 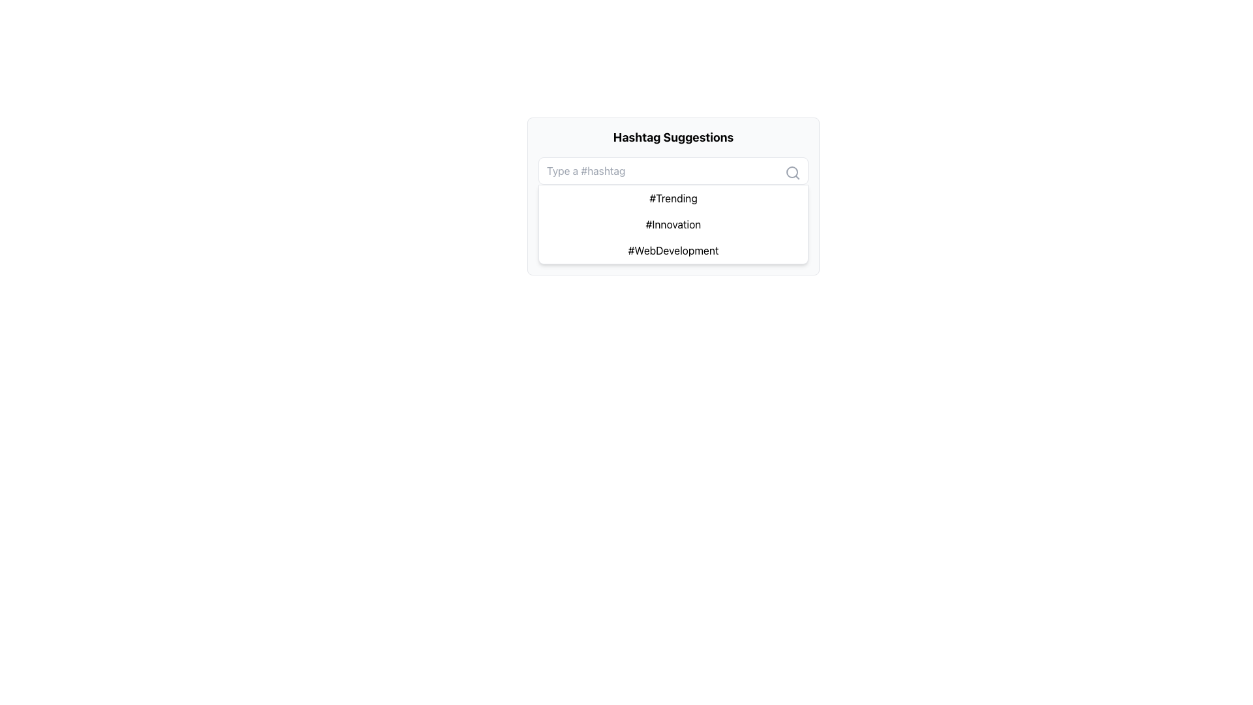 I want to click on a hashtag in the Suggestion list below the 'Type a #hashtag' input field, so click(x=673, y=210).